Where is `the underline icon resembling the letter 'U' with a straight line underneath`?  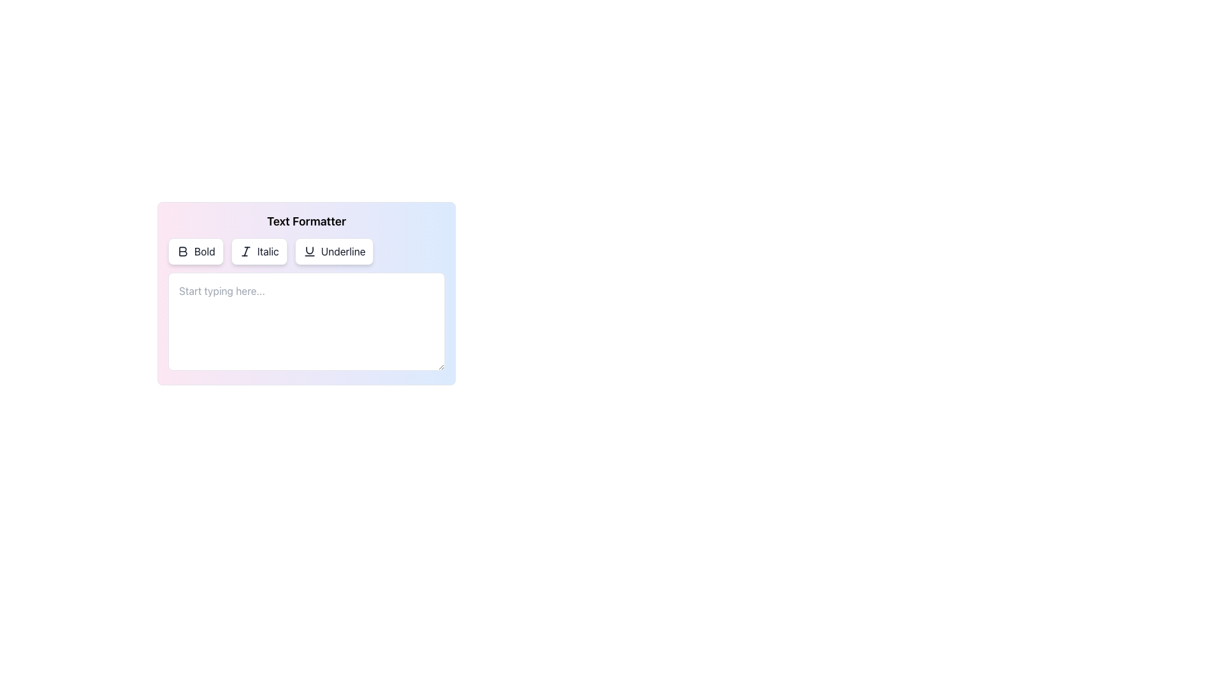 the underline icon resembling the letter 'U' with a straight line underneath is located at coordinates (309, 251).